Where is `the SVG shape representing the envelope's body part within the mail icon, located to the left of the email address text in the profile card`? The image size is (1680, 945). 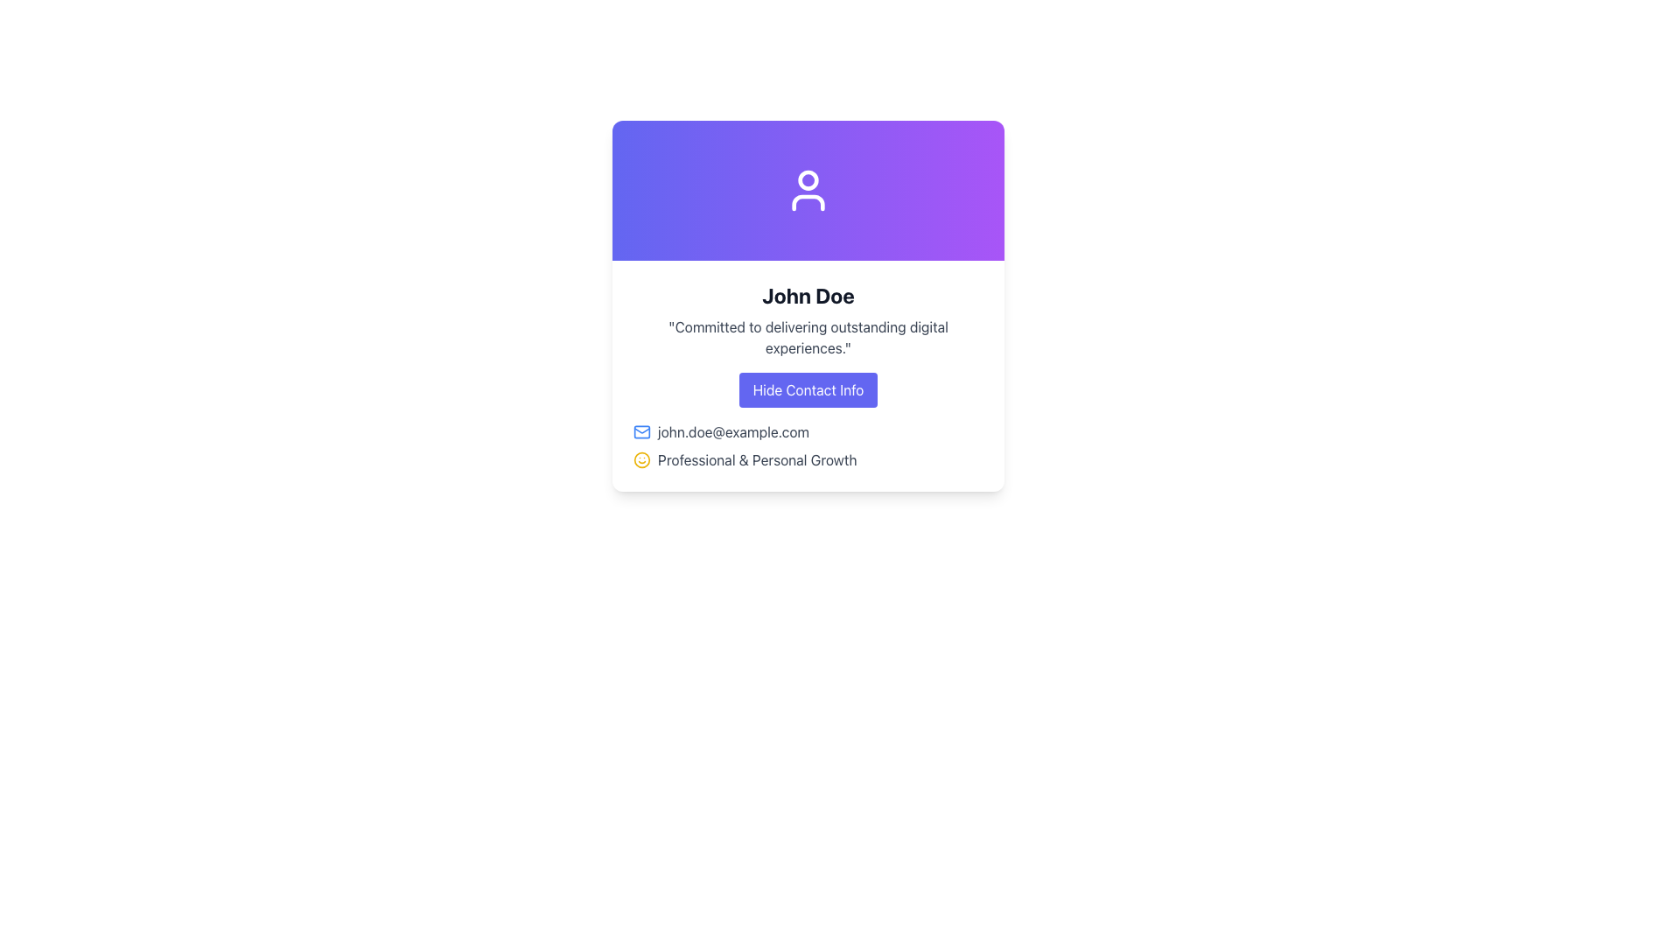 the SVG shape representing the envelope's body part within the mail icon, located to the left of the email address text in the profile card is located at coordinates (641, 431).